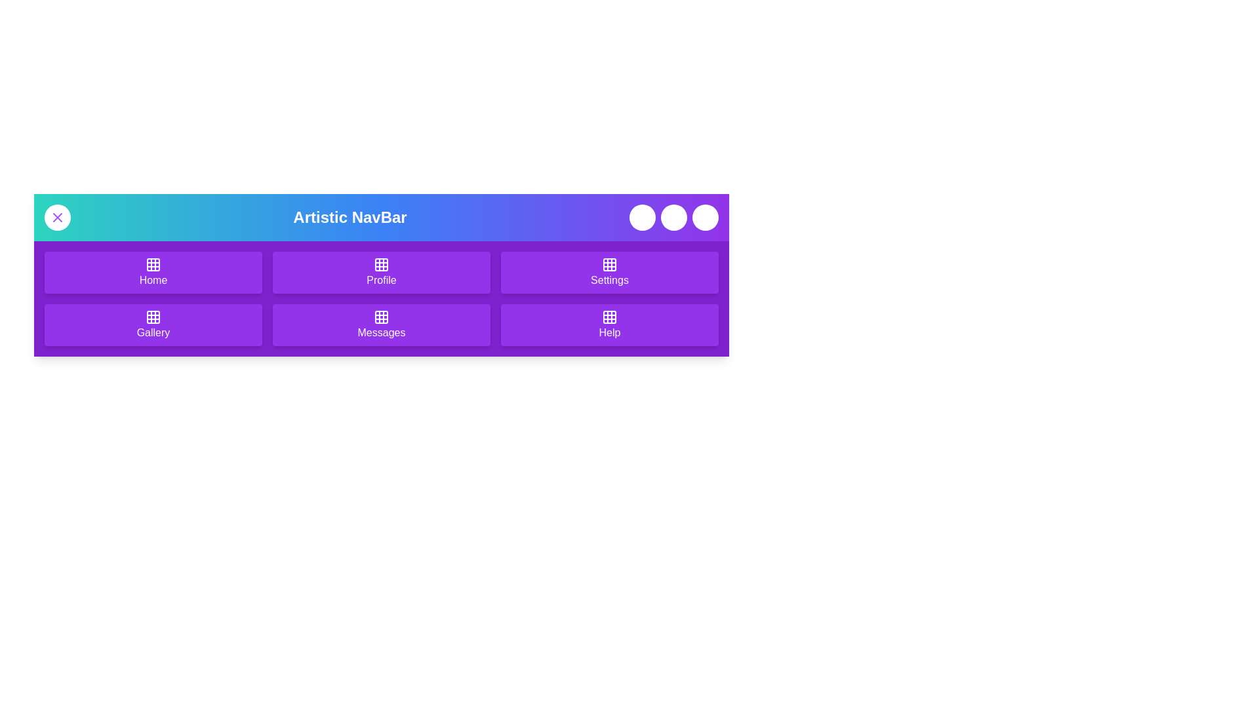 Image resolution: width=1259 pixels, height=708 pixels. Describe the element at coordinates (642, 216) in the screenshot. I see `the notification bell button` at that location.